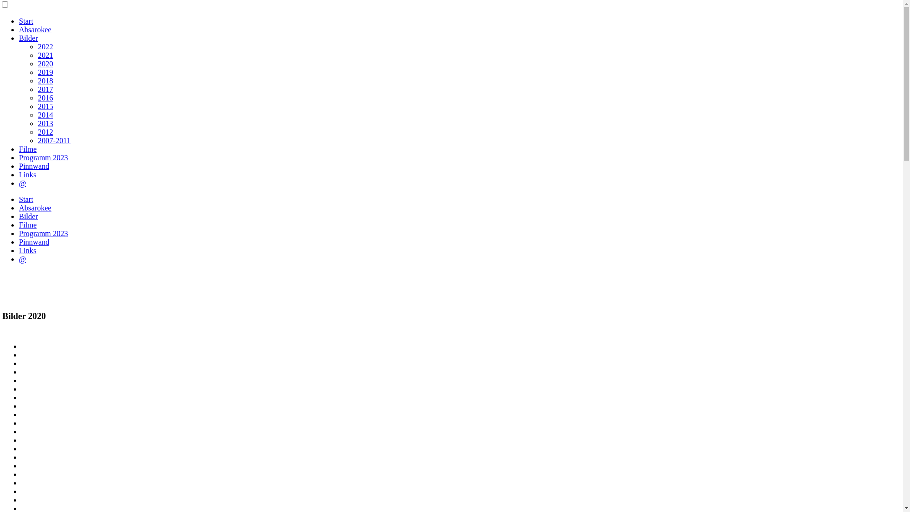  Describe the element at coordinates (45, 80) in the screenshot. I see `'2018'` at that location.